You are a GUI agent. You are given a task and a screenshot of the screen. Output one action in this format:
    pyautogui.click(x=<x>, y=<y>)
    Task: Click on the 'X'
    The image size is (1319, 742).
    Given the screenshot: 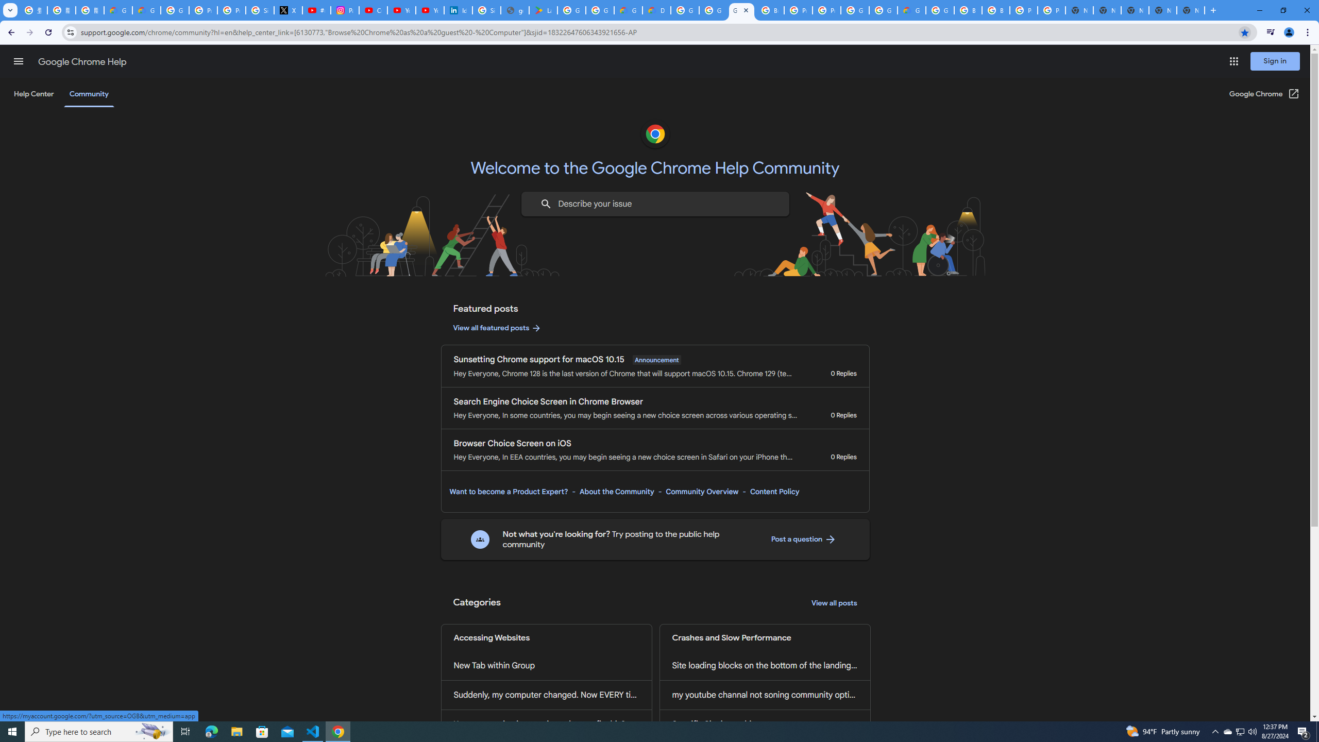 What is the action you would take?
    pyautogui.click(x=288, y=10)
    